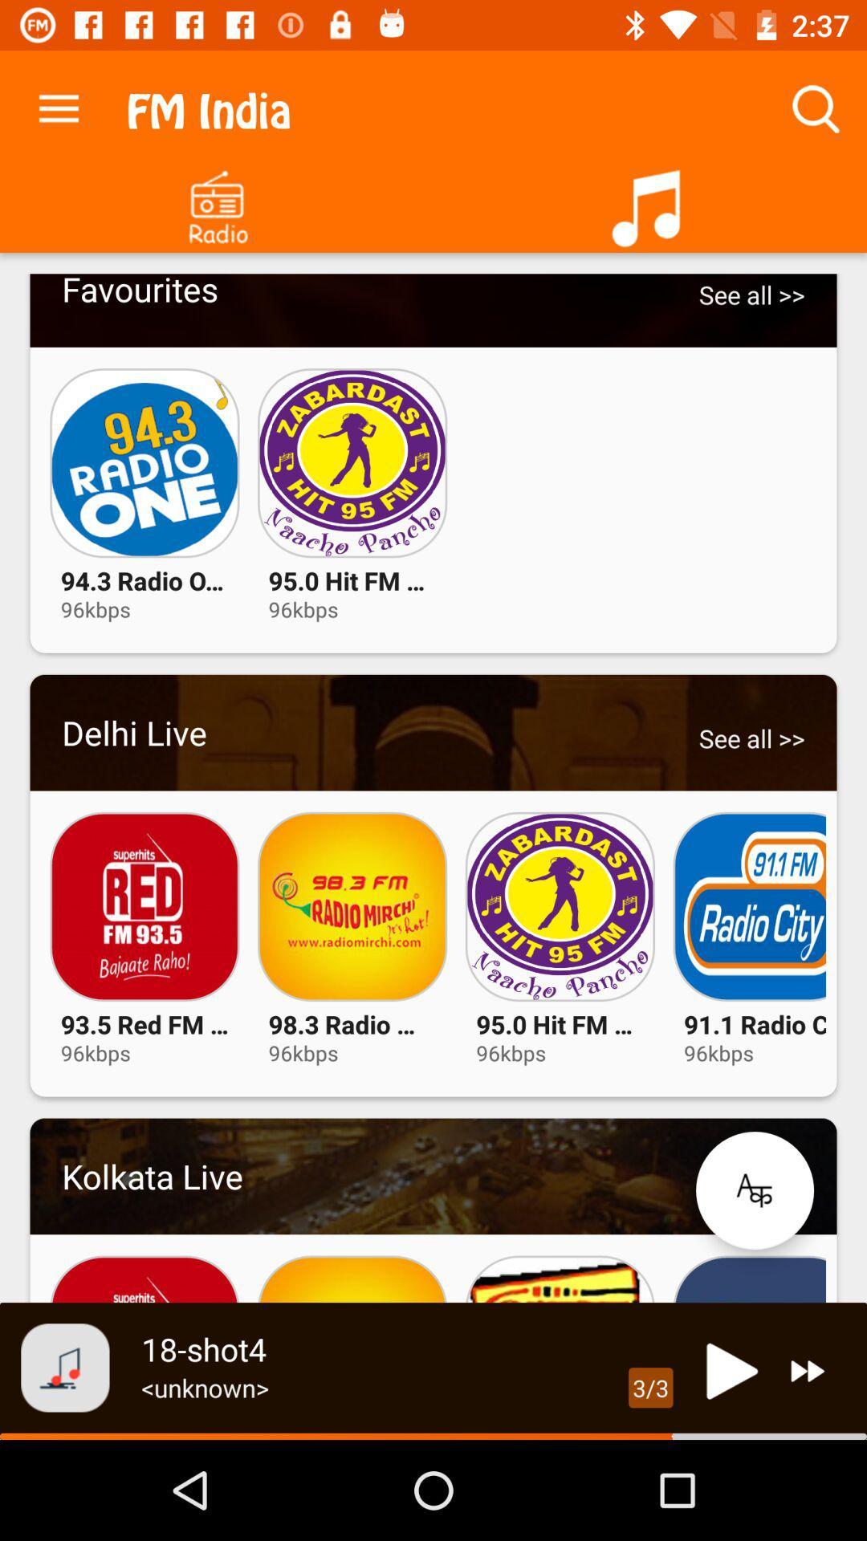 The image size is (867, 1541). What do you see at coordinates (217, 201) in the screenshot?
I see `radio option` at bounding box center [217, 201].